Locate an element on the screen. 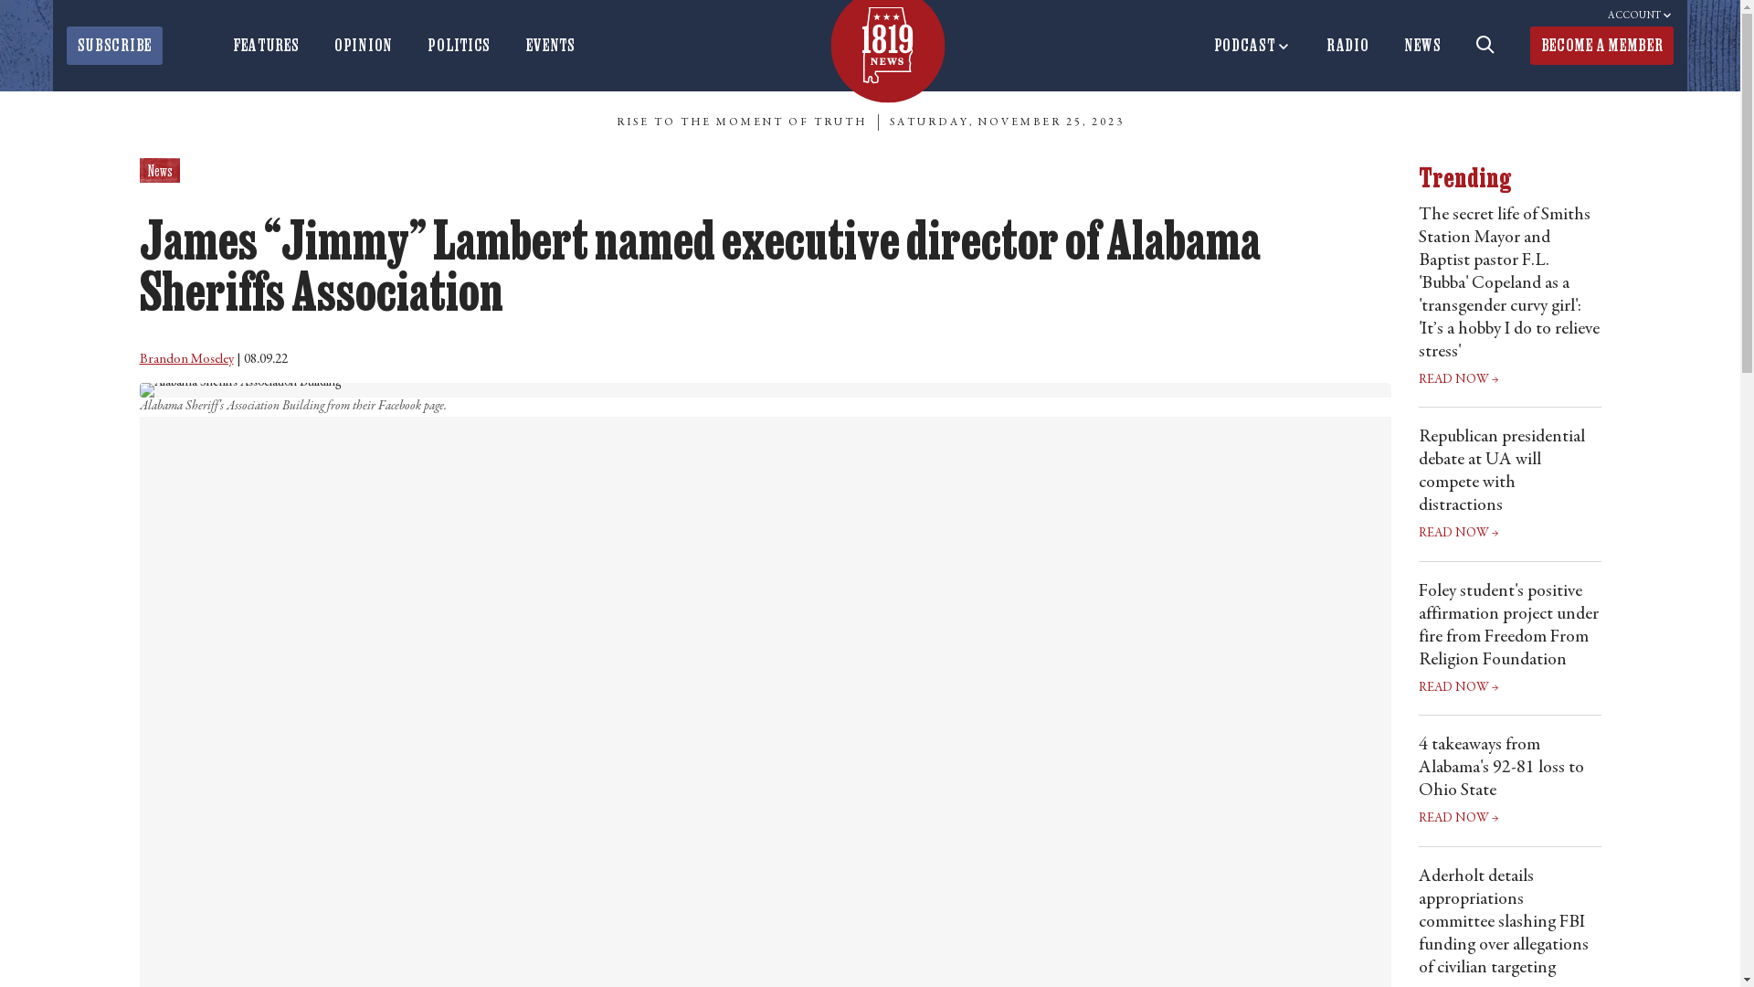 Image resolution: width=1754 pixels, height=987 pixels. 'PODCAST' is located at coordinates (1252, 45).